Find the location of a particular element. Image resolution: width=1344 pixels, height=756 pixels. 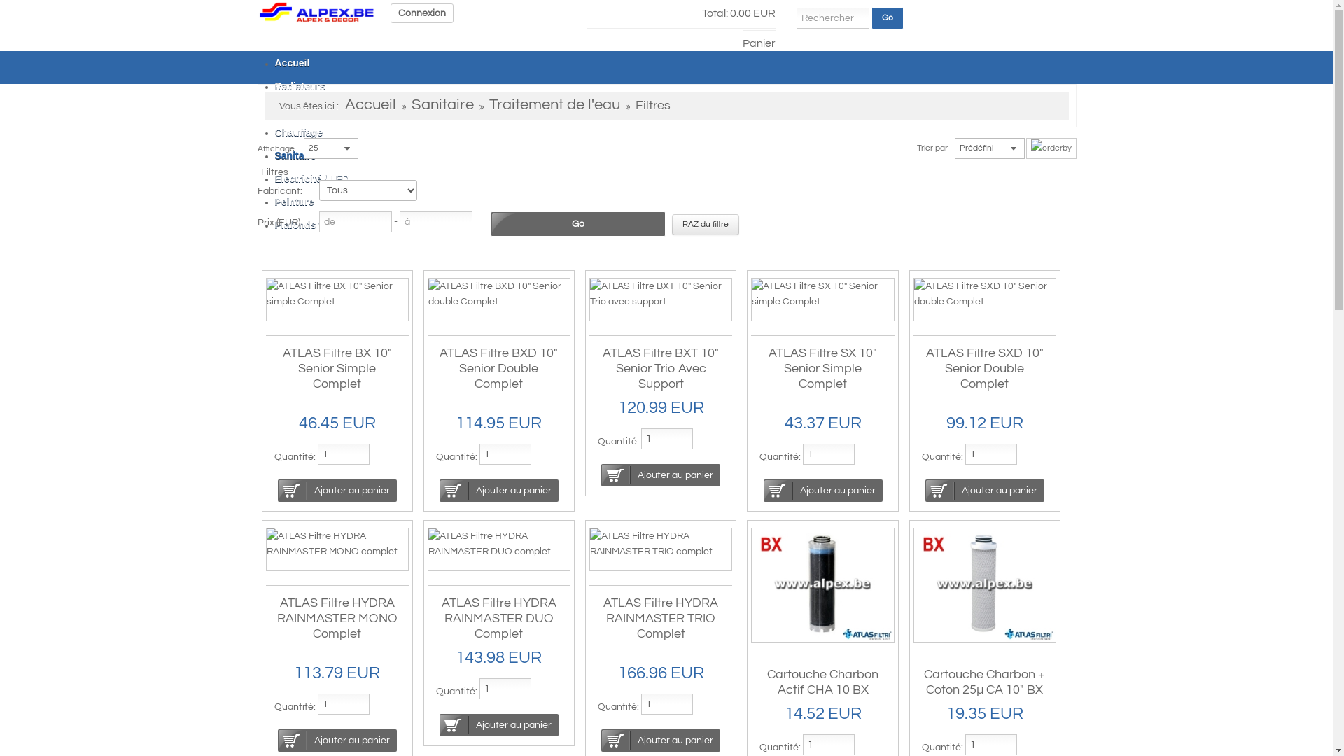

'Panier' is located at coordinates (757, 38).